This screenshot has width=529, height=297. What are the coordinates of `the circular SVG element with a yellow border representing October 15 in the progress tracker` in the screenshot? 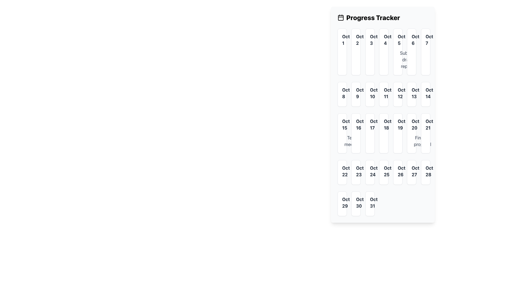 It's located at (345, 141).